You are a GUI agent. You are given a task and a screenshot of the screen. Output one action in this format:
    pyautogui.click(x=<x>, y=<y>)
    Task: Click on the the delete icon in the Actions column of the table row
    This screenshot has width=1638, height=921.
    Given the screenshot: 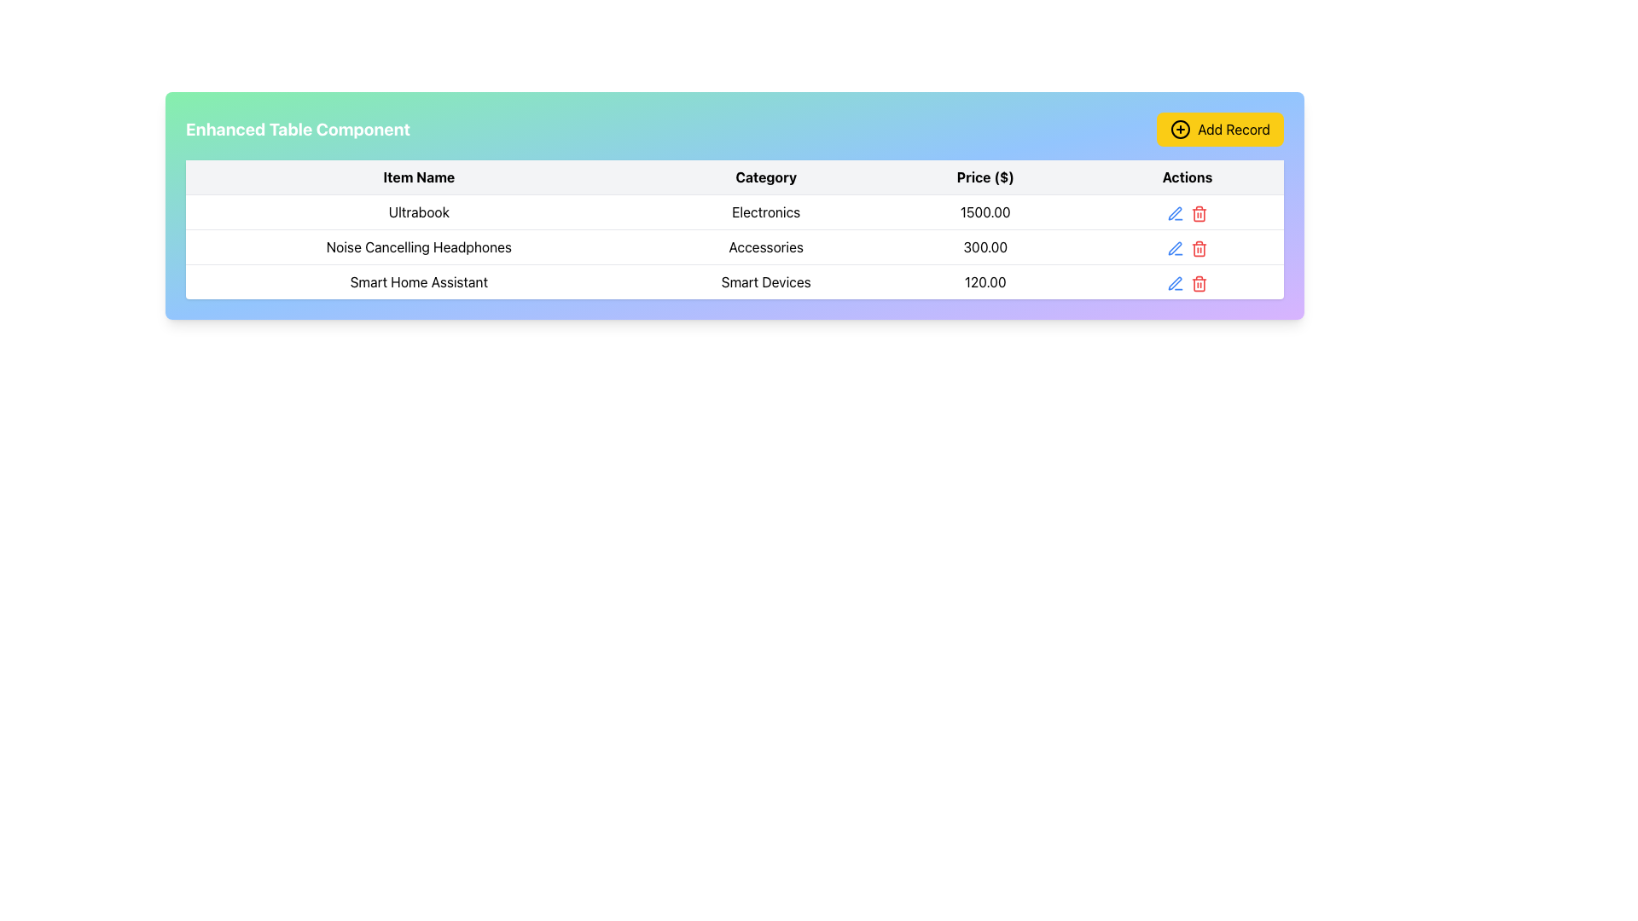 What is the action you would take?
    pyautogui.click(x=1186, y=211)
    